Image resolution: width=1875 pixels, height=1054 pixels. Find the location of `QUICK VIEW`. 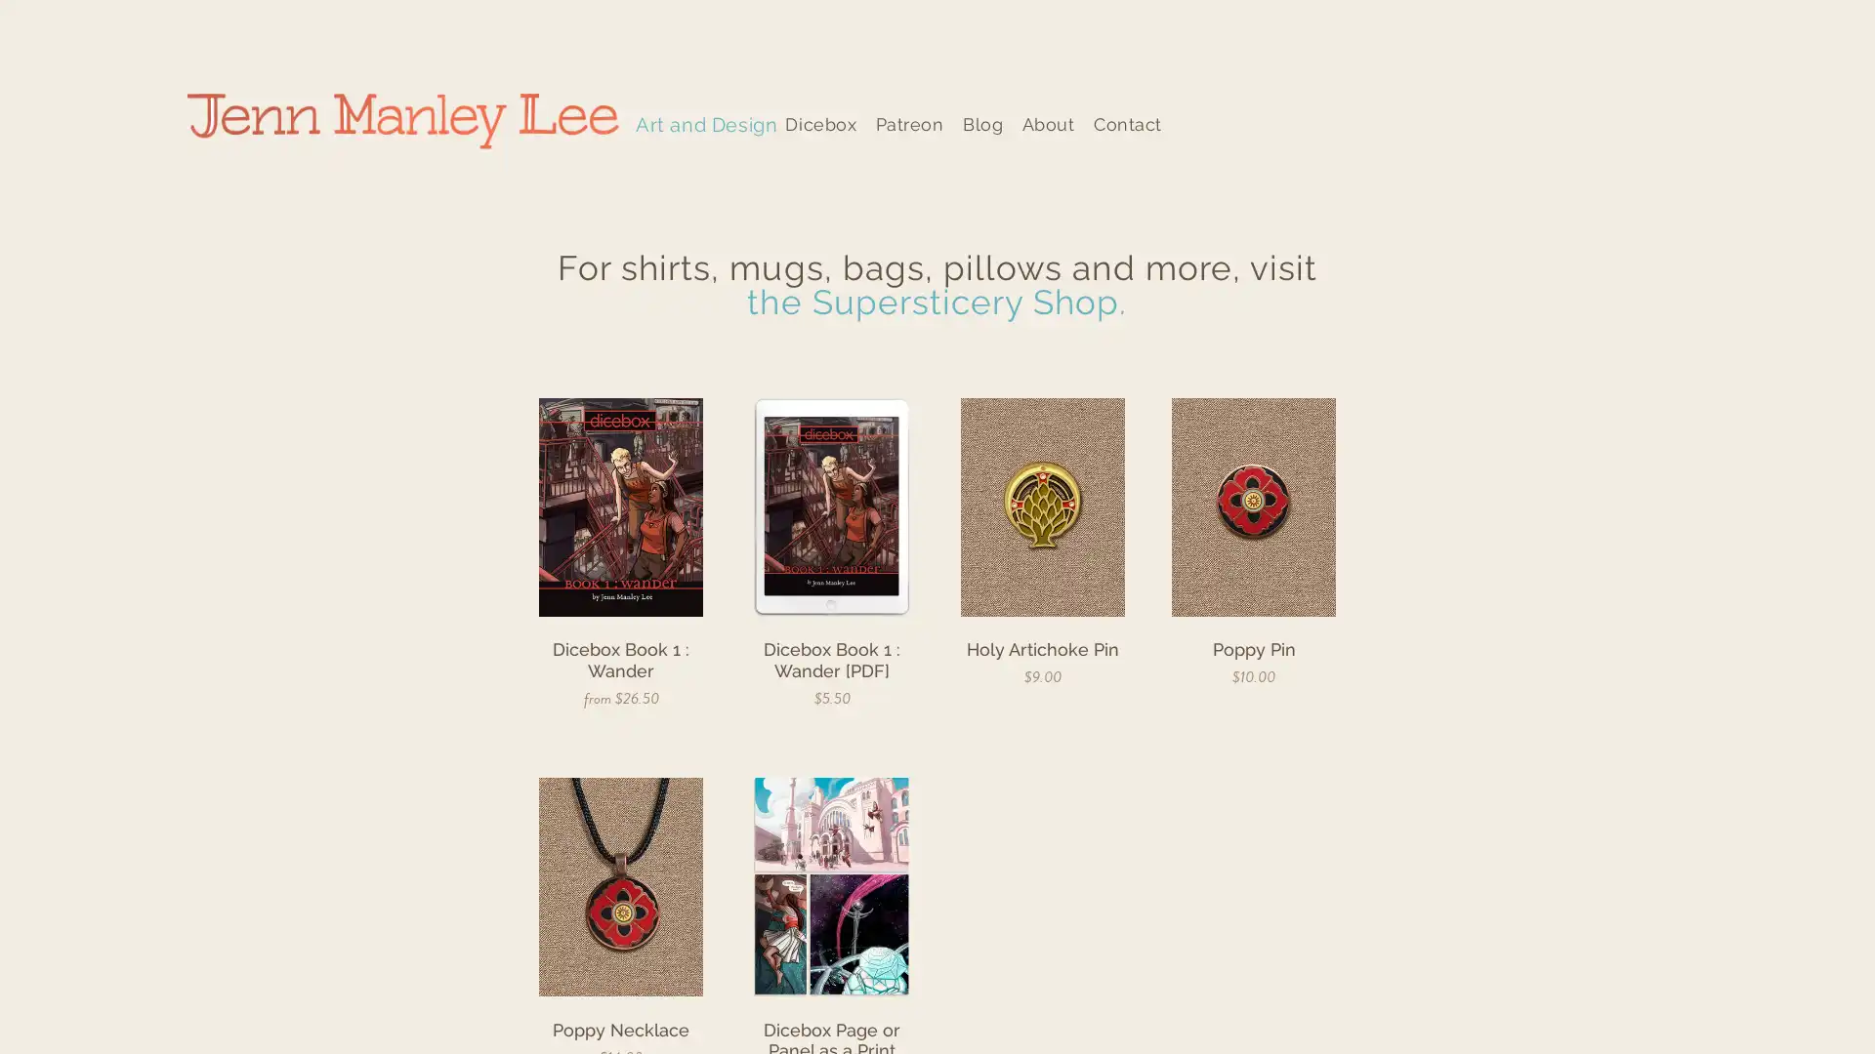

QUICK VIEW is located at coordinates (619, 668).